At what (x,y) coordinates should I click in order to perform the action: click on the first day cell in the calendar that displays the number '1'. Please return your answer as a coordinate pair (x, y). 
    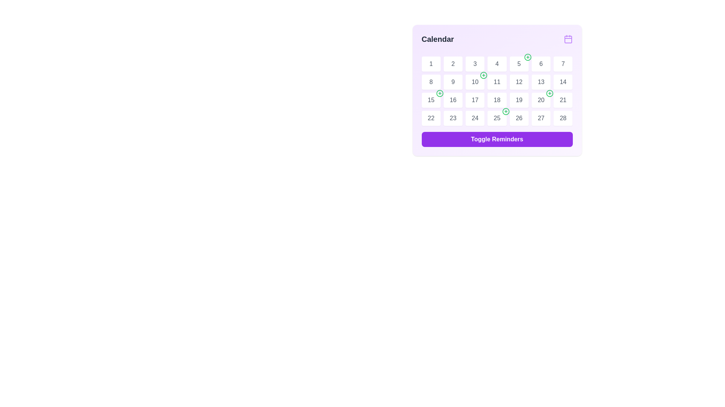
    Looking at the image, I should click on (431, 63).